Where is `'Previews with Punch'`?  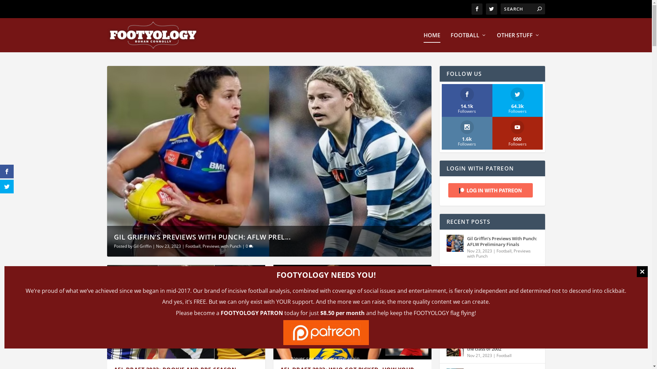
'Previews with Punch' is located at coordinates (499, 254).